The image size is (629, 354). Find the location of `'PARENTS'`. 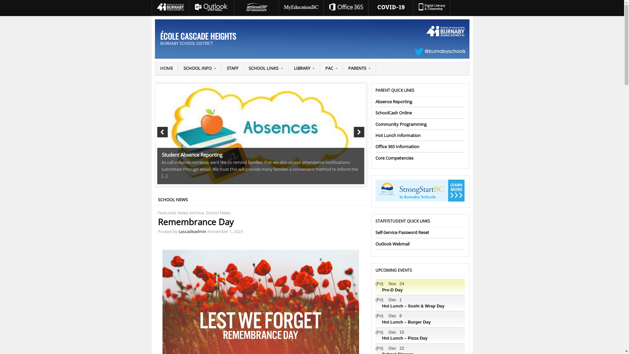

'PARENTS' is located at coordinates (359, 69).